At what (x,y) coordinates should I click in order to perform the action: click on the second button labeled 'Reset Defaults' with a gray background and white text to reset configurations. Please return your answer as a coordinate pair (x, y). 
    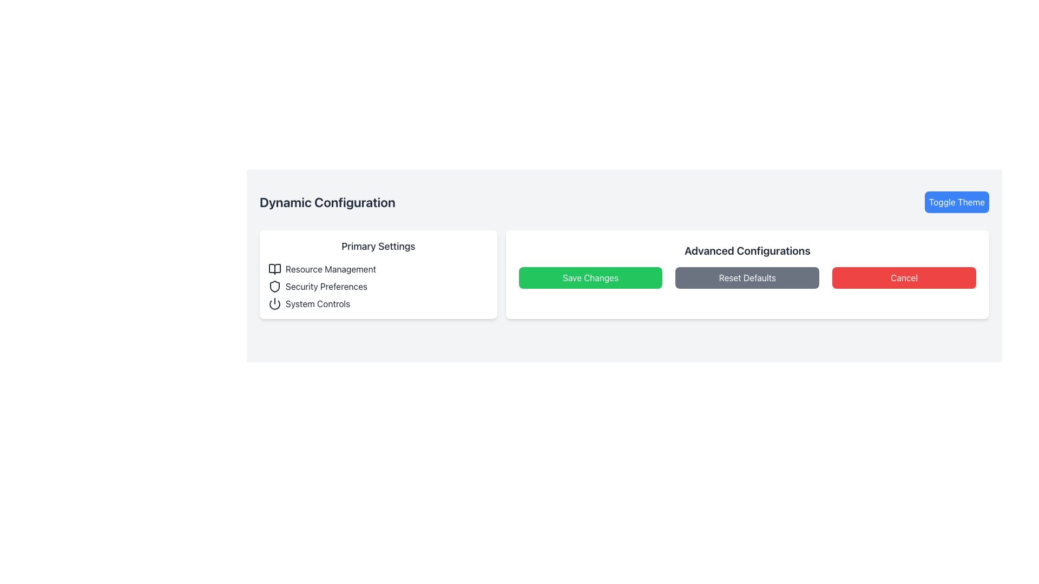
    Looking at the image, I should click on (747, 277).